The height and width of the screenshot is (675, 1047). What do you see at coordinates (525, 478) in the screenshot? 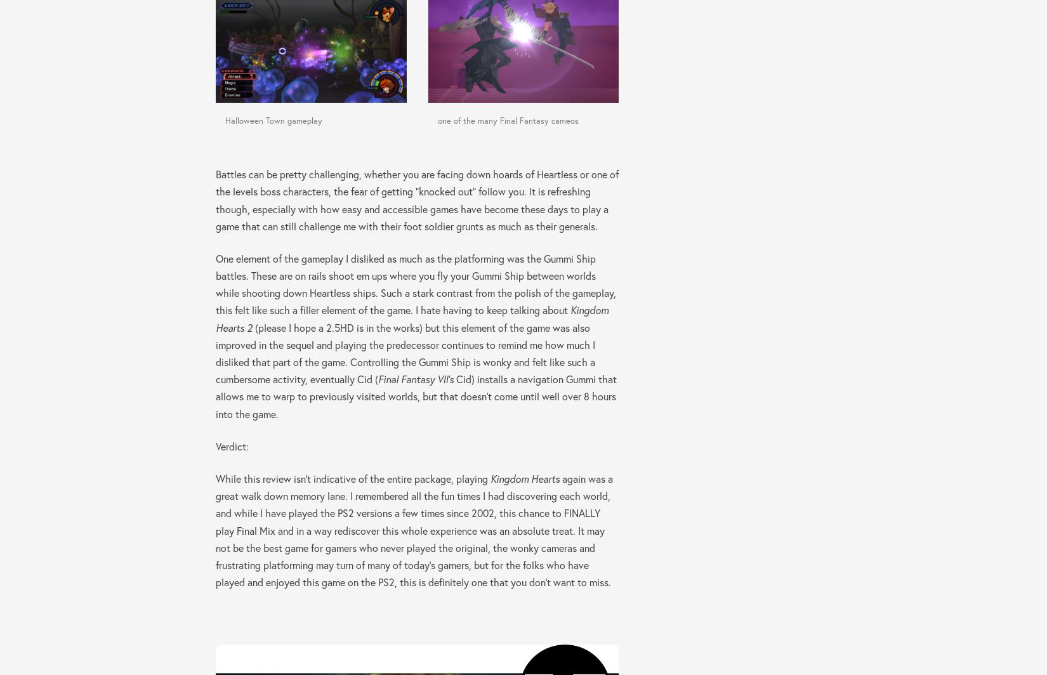
I see `'Kingdom
Hearts'` at bounding box center [525, 478].